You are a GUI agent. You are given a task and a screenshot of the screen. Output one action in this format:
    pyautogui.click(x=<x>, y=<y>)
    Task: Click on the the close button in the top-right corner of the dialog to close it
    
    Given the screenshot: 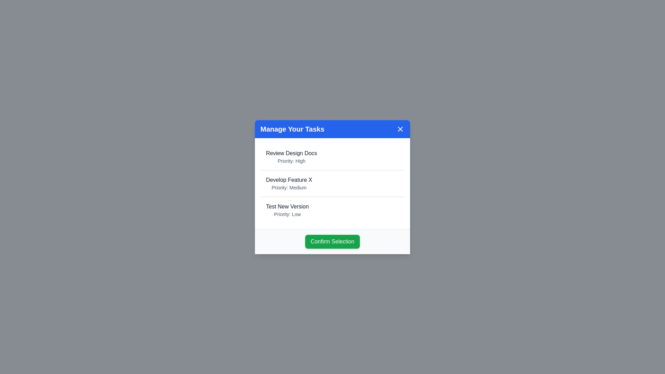 What is the action you would take?
    pyautogui.click(x=400, y=129)
    